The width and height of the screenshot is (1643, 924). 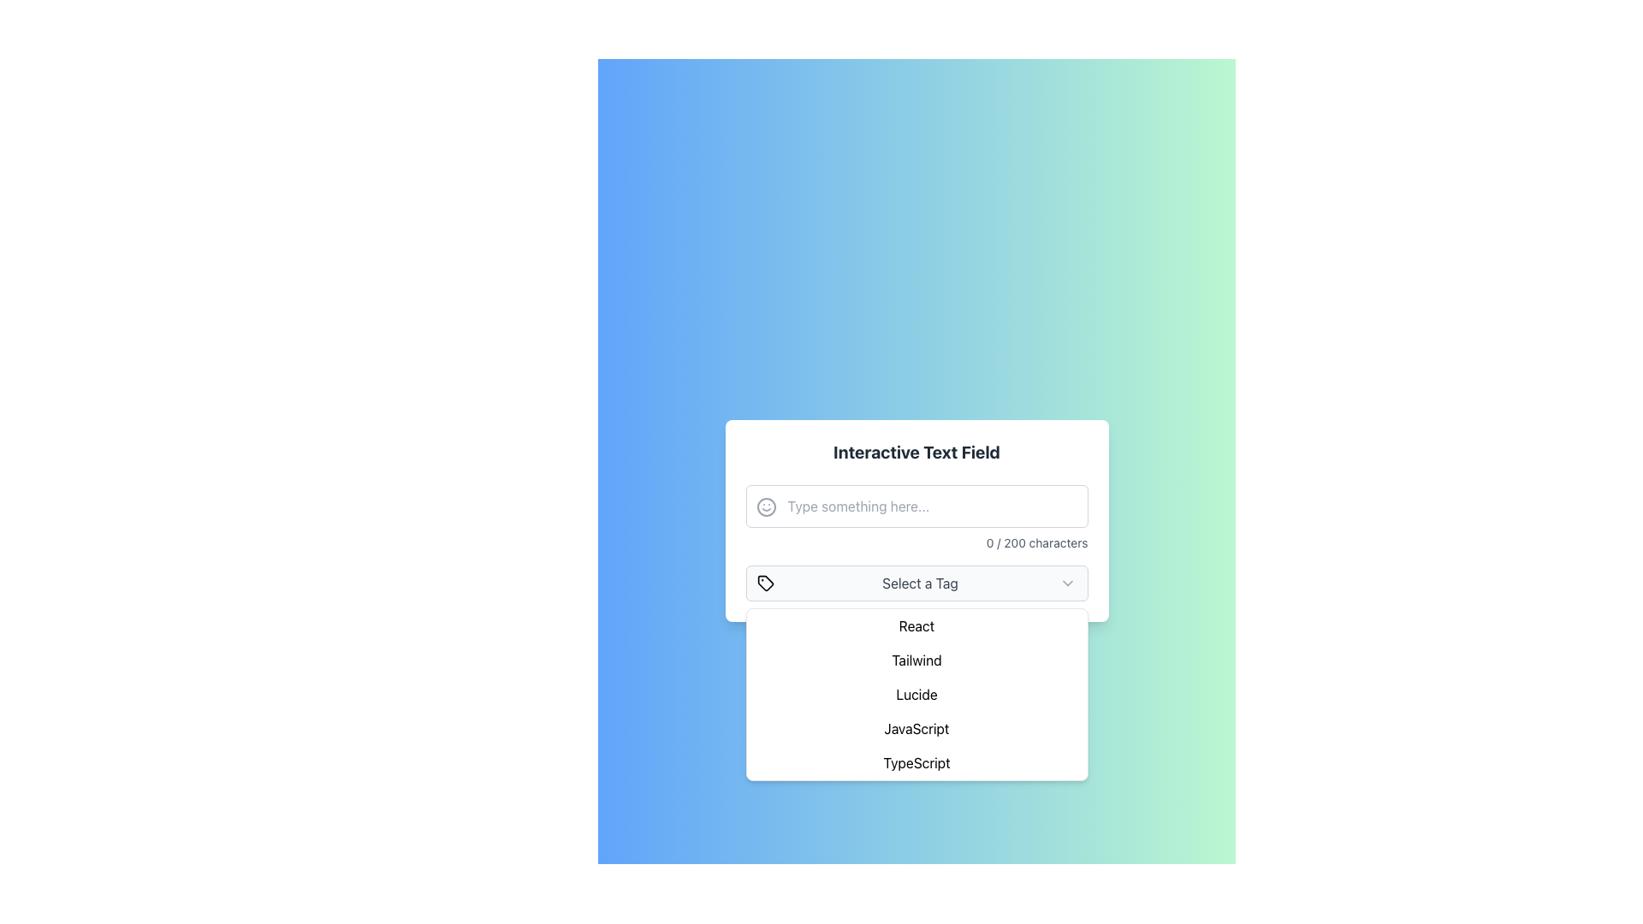 I want to click on the decorative icon located to the immediate left of the 'Select a Tag' text in the dropdown control, so click(x=764, y=583).